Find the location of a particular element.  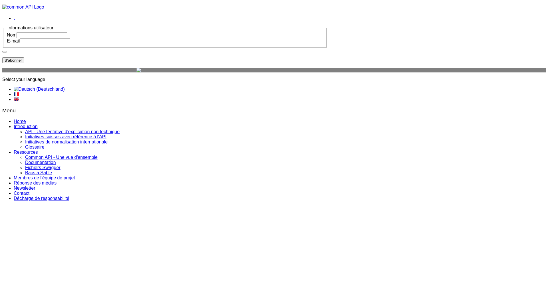

'English (United Kingdom)' is located at coordinates (16, 99).